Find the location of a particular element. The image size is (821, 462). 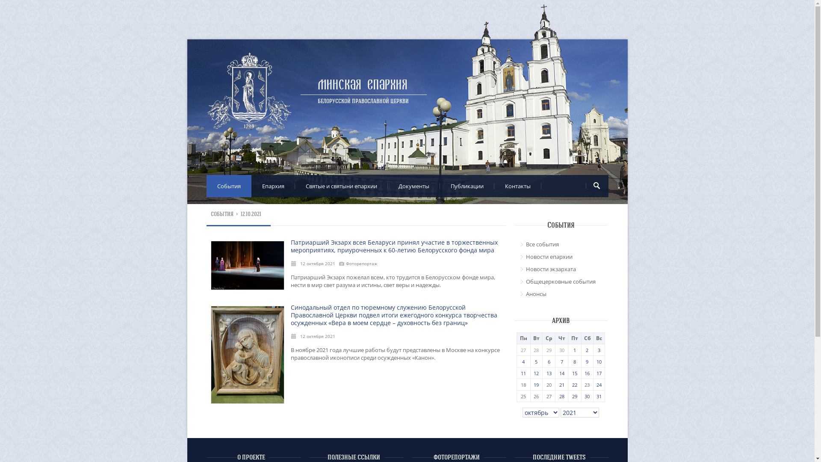

'14' is located at coordinates (562, 372).